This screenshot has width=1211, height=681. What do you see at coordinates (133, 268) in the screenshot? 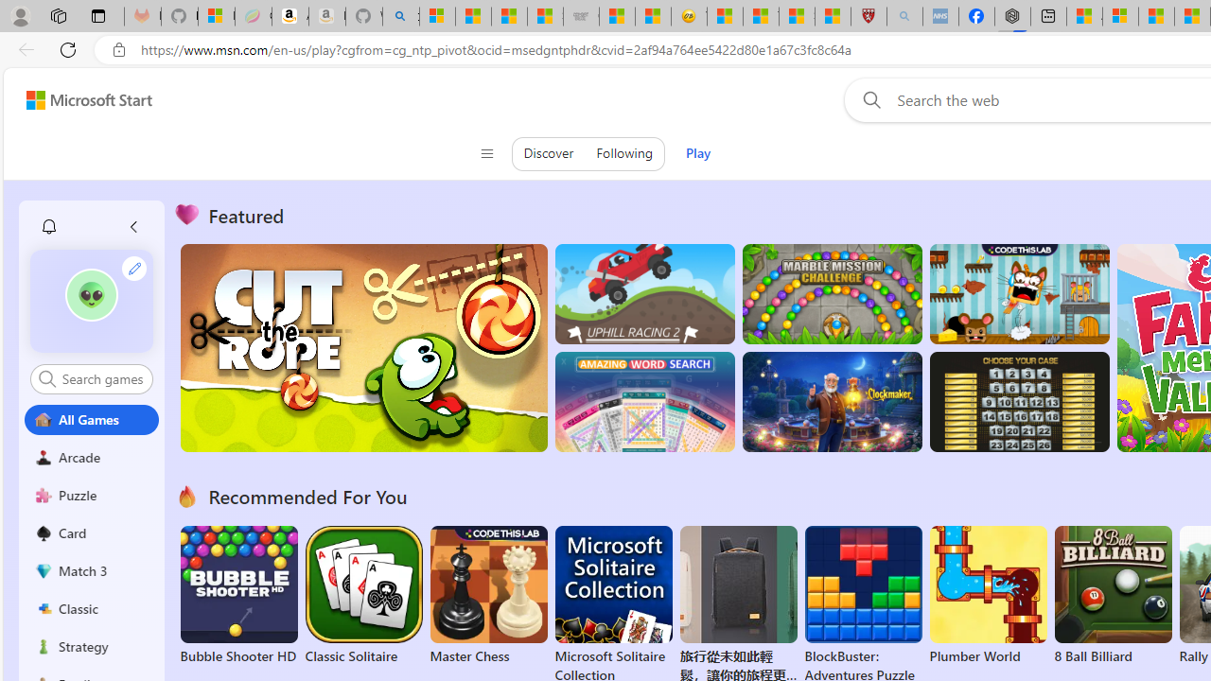
I see `'Class: profile-edit'` at bounding box center [133, 268].